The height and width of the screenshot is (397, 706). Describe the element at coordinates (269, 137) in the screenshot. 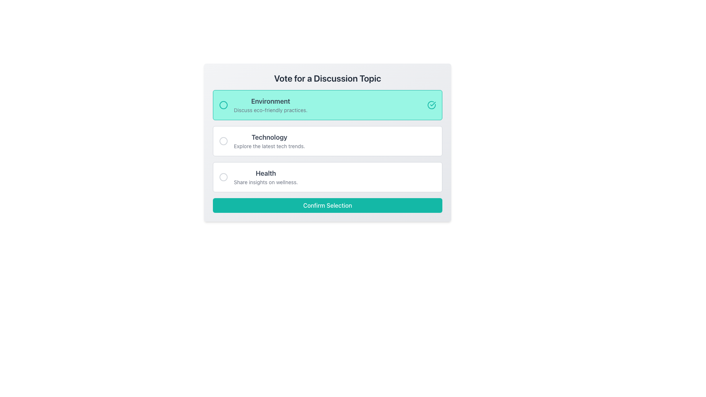

I see `text label that serves as the title for the second selectable option under the header 'Vote for a Discussion Topic', positioned directly above the descriptive text 'Explore the latest tech trends'` at that location.